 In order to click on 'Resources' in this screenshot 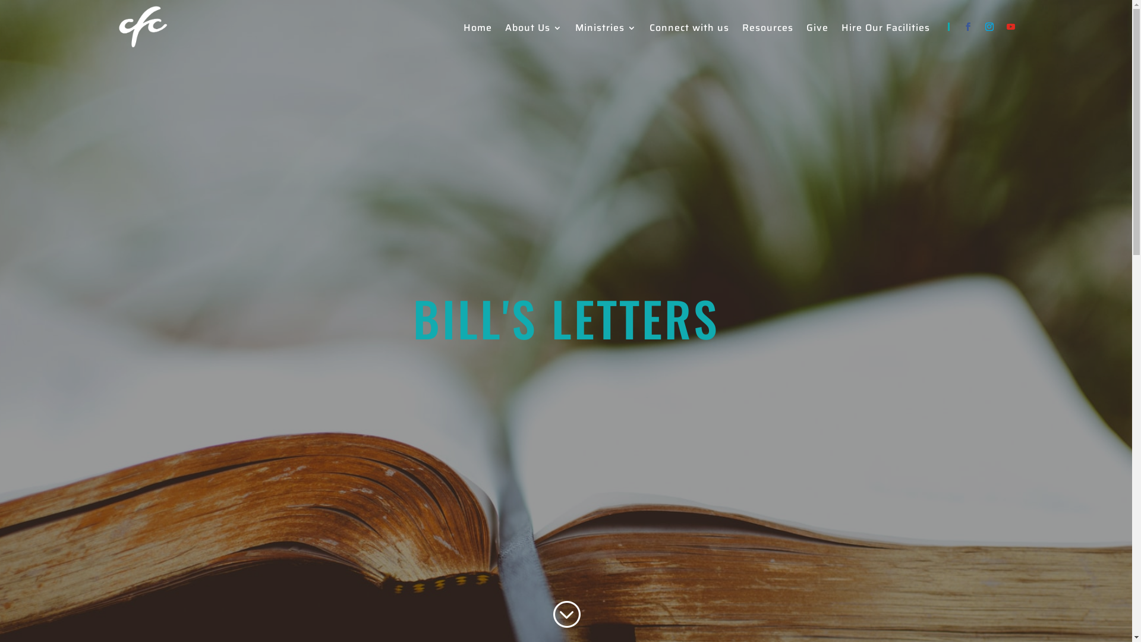, I will do `click(767, 29)`.